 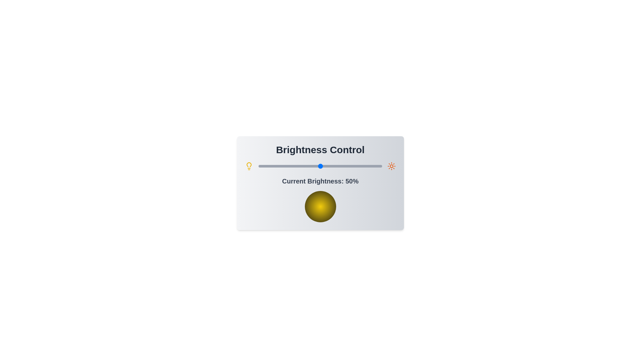 What do you see at coordinates (334, 166) in the screenshot?
I see `the brightness slider to set the brightness to 61%` at bounding box center [334, 166].